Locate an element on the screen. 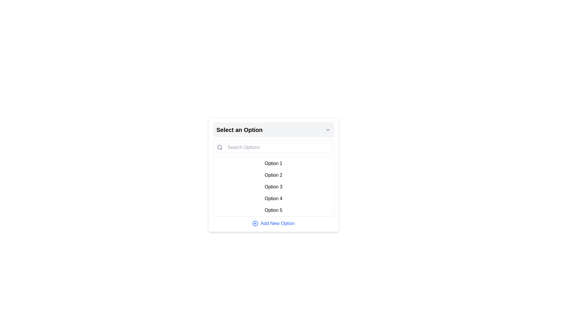 Image resolution: width=562 pixels, height=316 pixels. the search icon located on the left side of the search input field to initiate the search functionality is located at coordinates (219, 147).